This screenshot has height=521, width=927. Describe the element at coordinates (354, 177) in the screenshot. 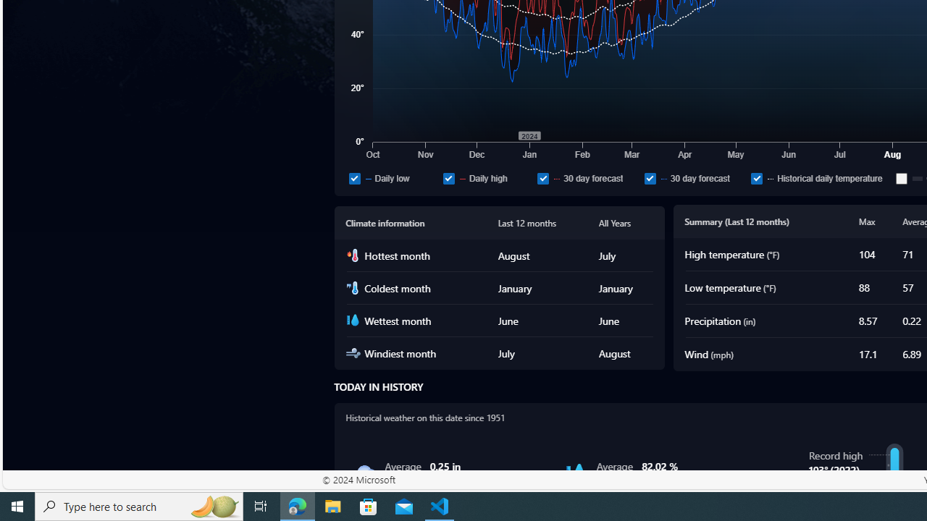

I see `'Daily low'` at that location.